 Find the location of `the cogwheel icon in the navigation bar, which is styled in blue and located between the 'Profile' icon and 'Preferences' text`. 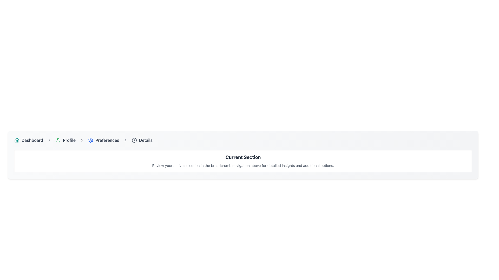

the cogwheel icon in the navigation bar, which is styled in blue and located between the 'Profile' icon and 'Preferences' text is located at coordinates (91, 140).